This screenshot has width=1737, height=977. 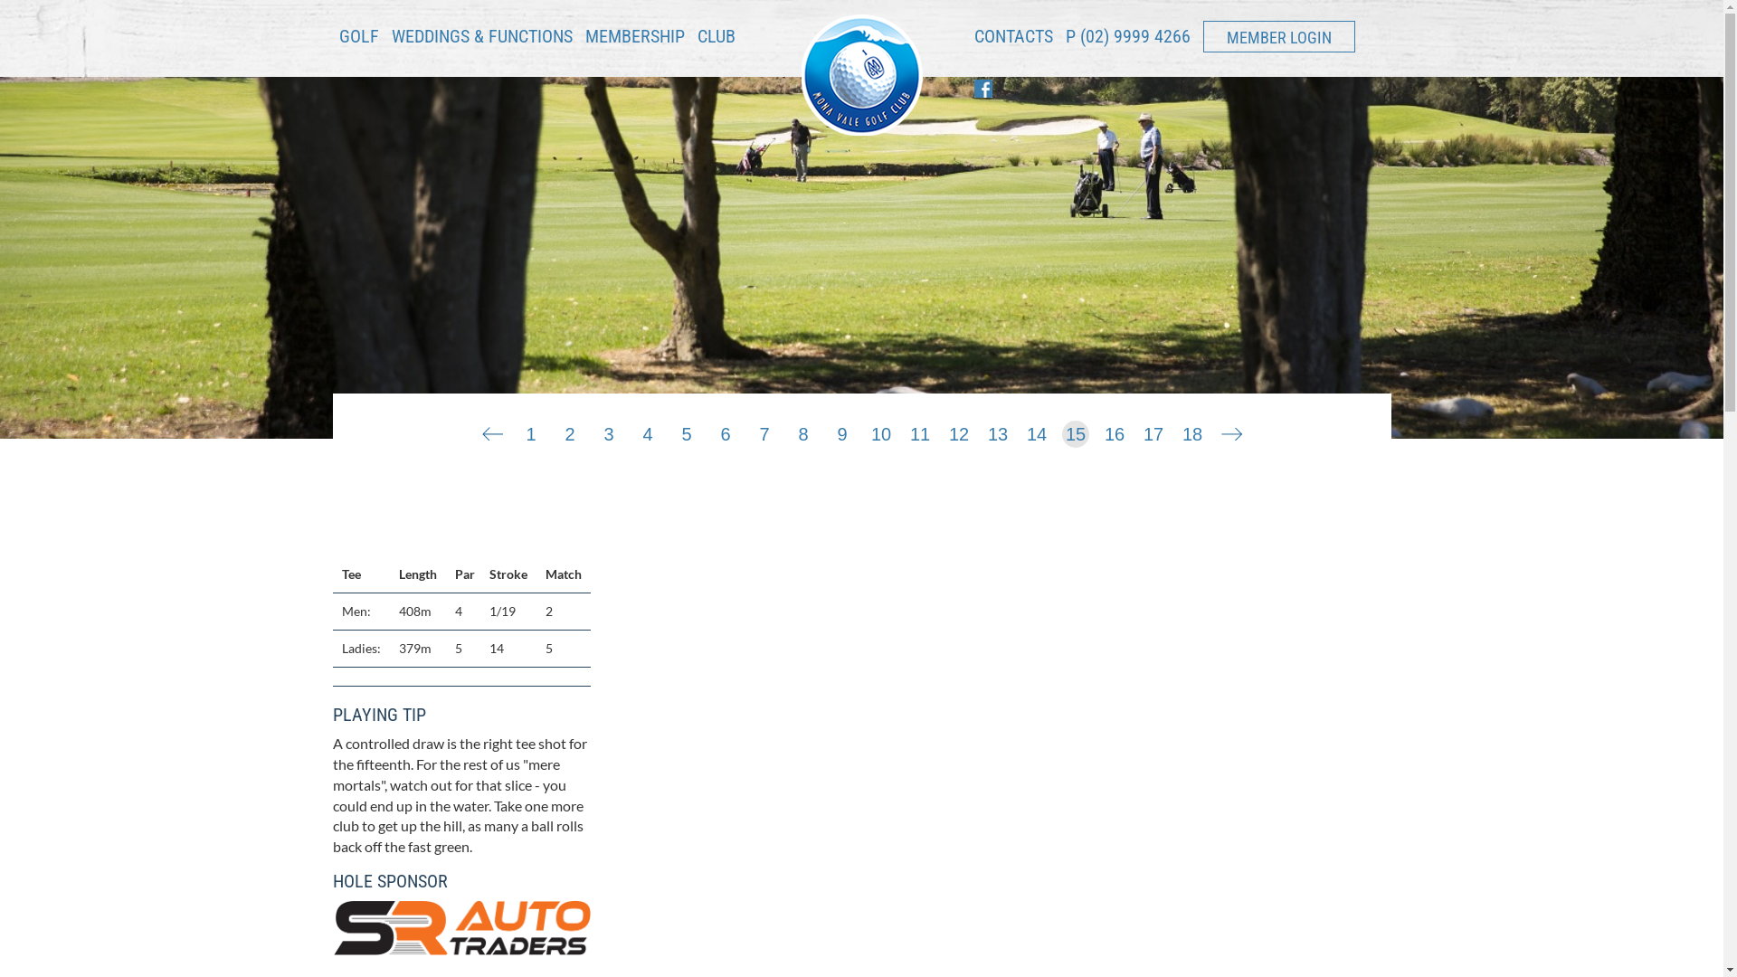 What do you see at coordinates (725, 430) in the screenshot?
I see `'6'` at bounding box center [725, 430].